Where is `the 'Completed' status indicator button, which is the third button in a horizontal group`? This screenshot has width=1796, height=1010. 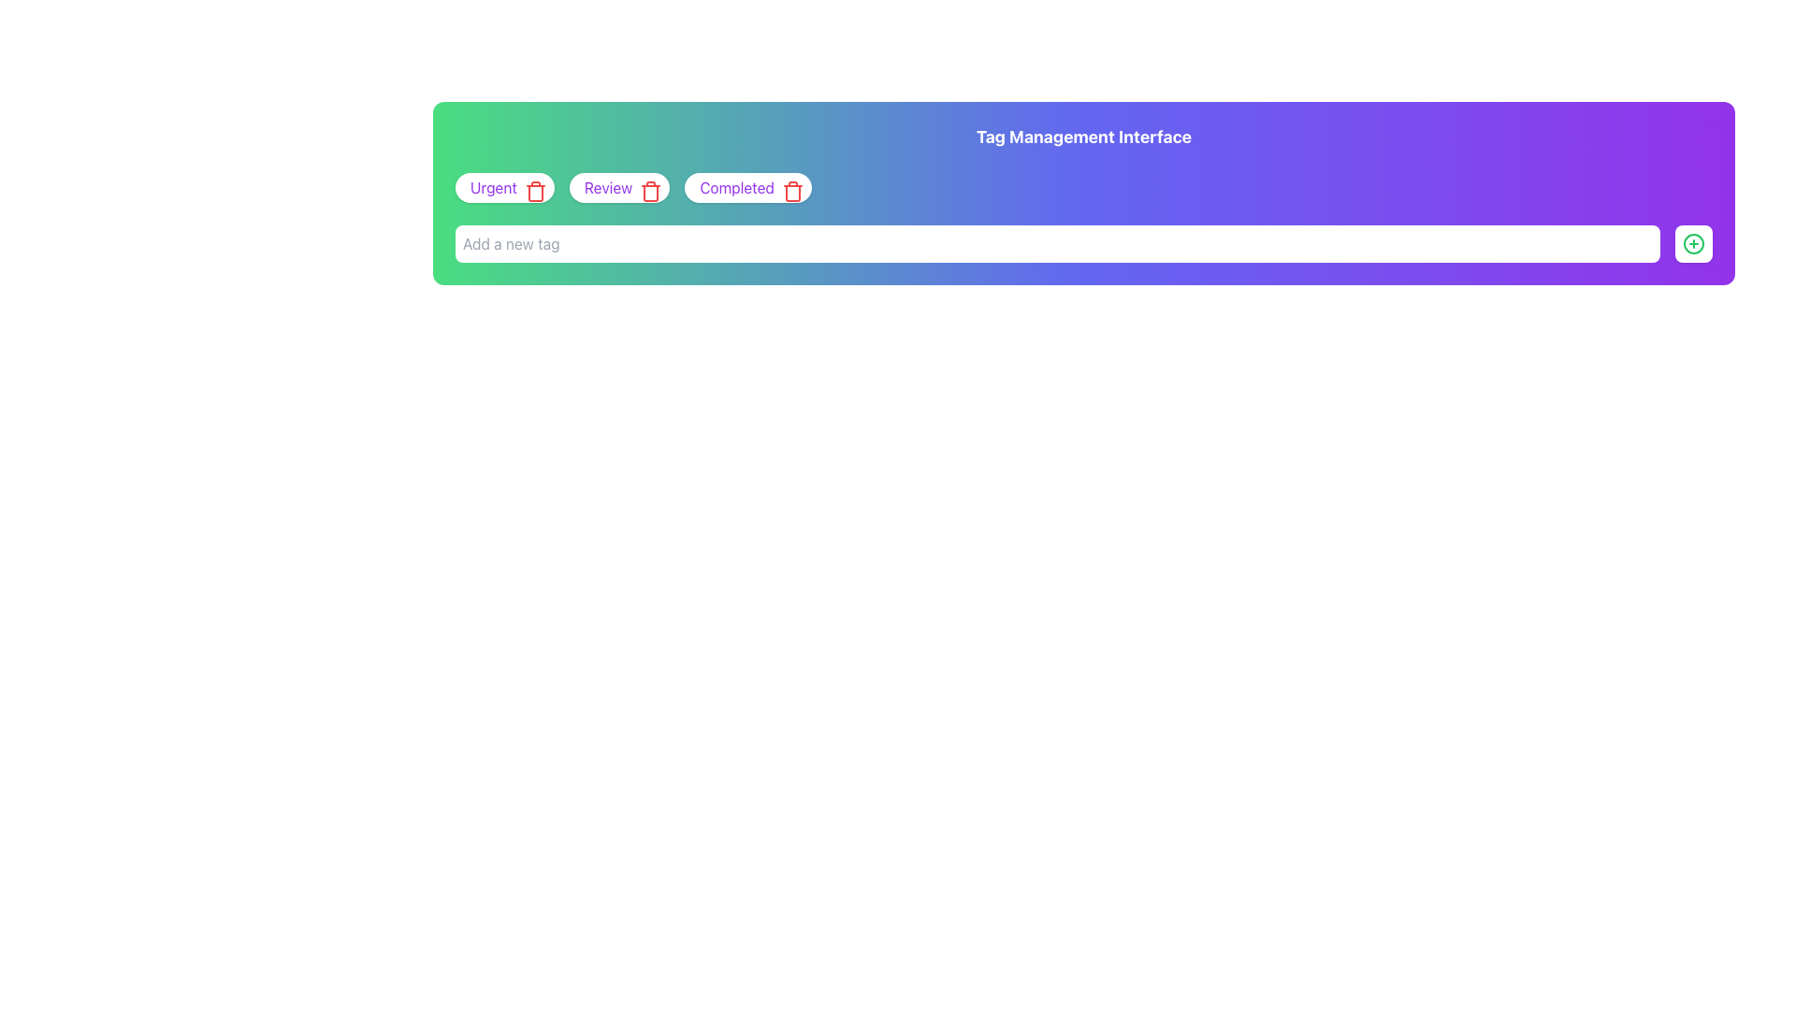 the 'Completed' status indicator button, which is the third button in a horizontal group is located at coordinates (748, 187).